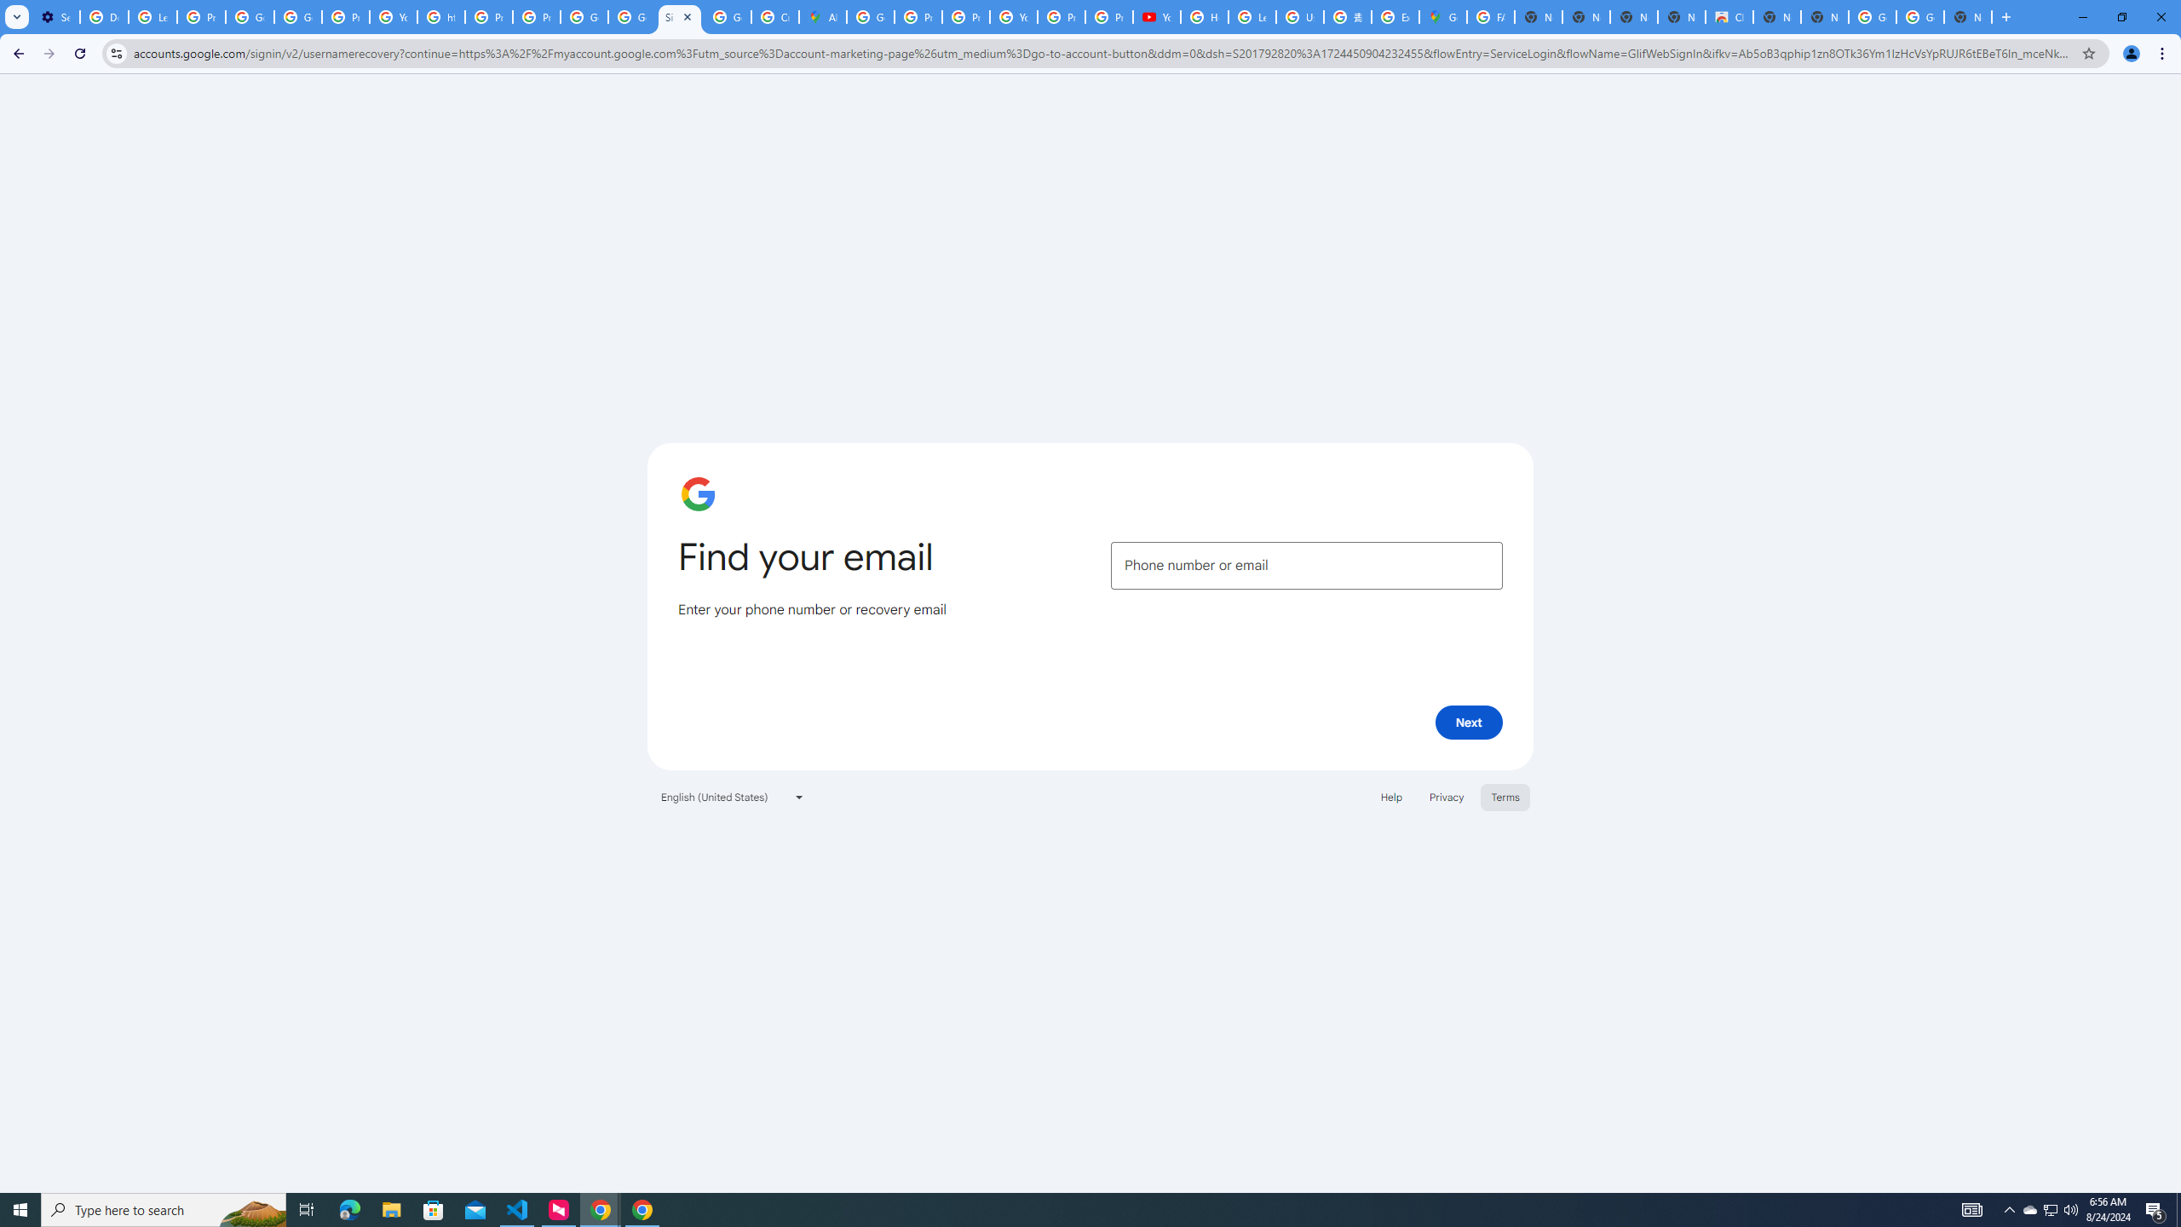 This screenshot has height=1227, width=2181. Describe the element at coordinates (1469, 721) in the screenshot. I see `'Next'` at that location.